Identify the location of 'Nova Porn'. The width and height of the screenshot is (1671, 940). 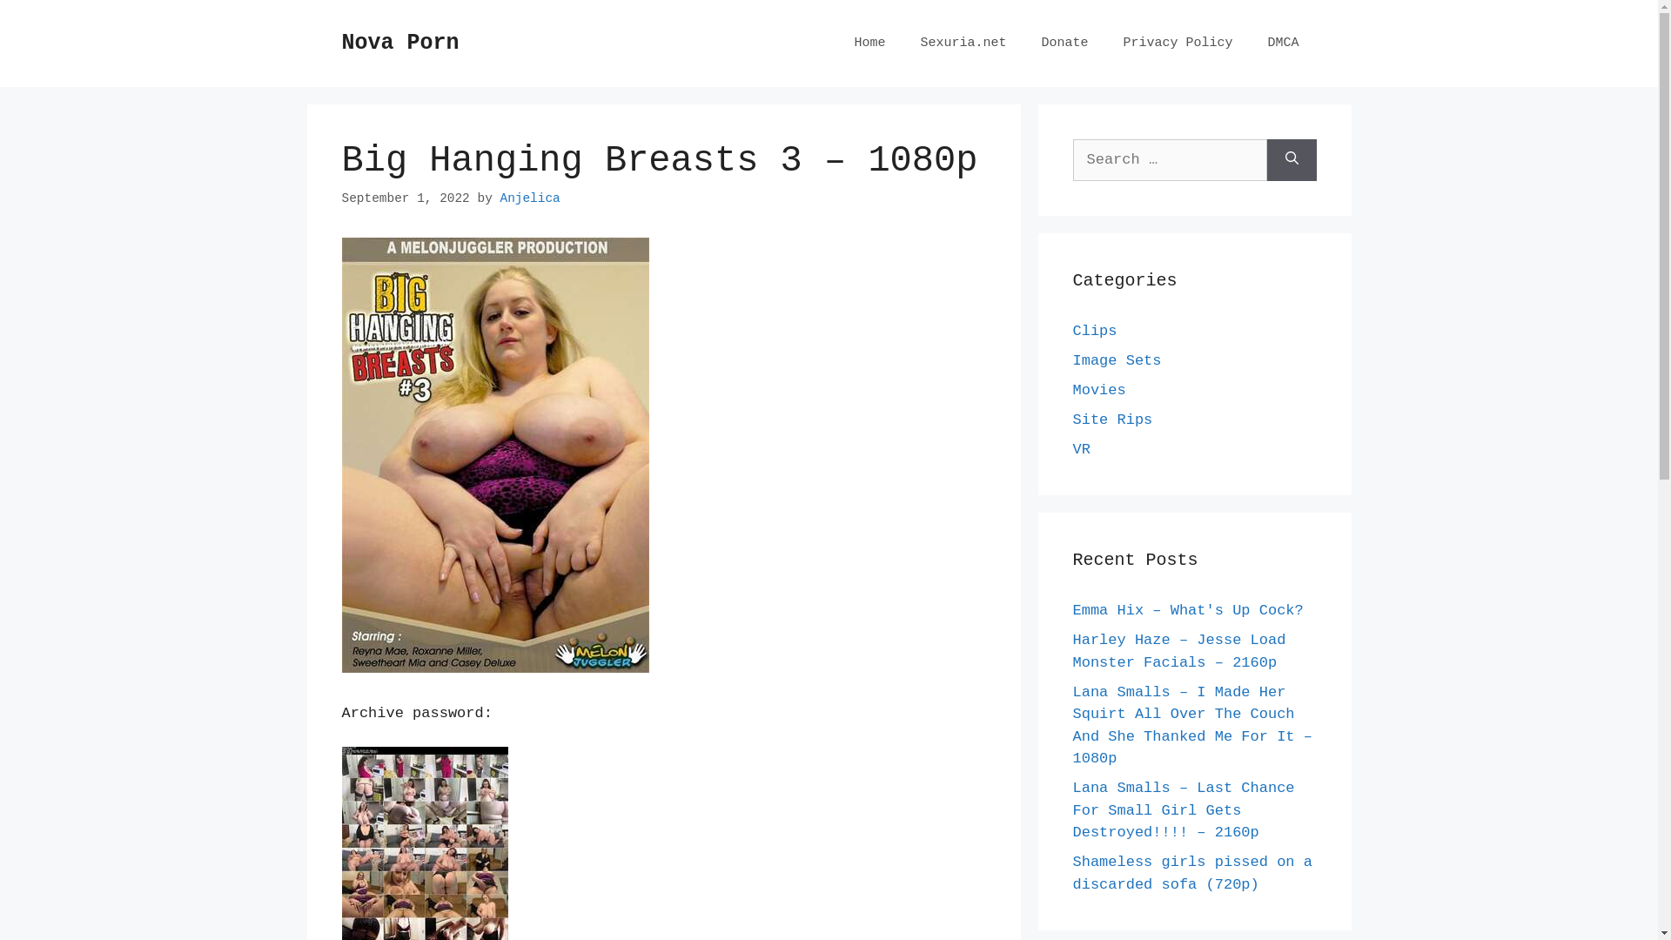
(341, 42).